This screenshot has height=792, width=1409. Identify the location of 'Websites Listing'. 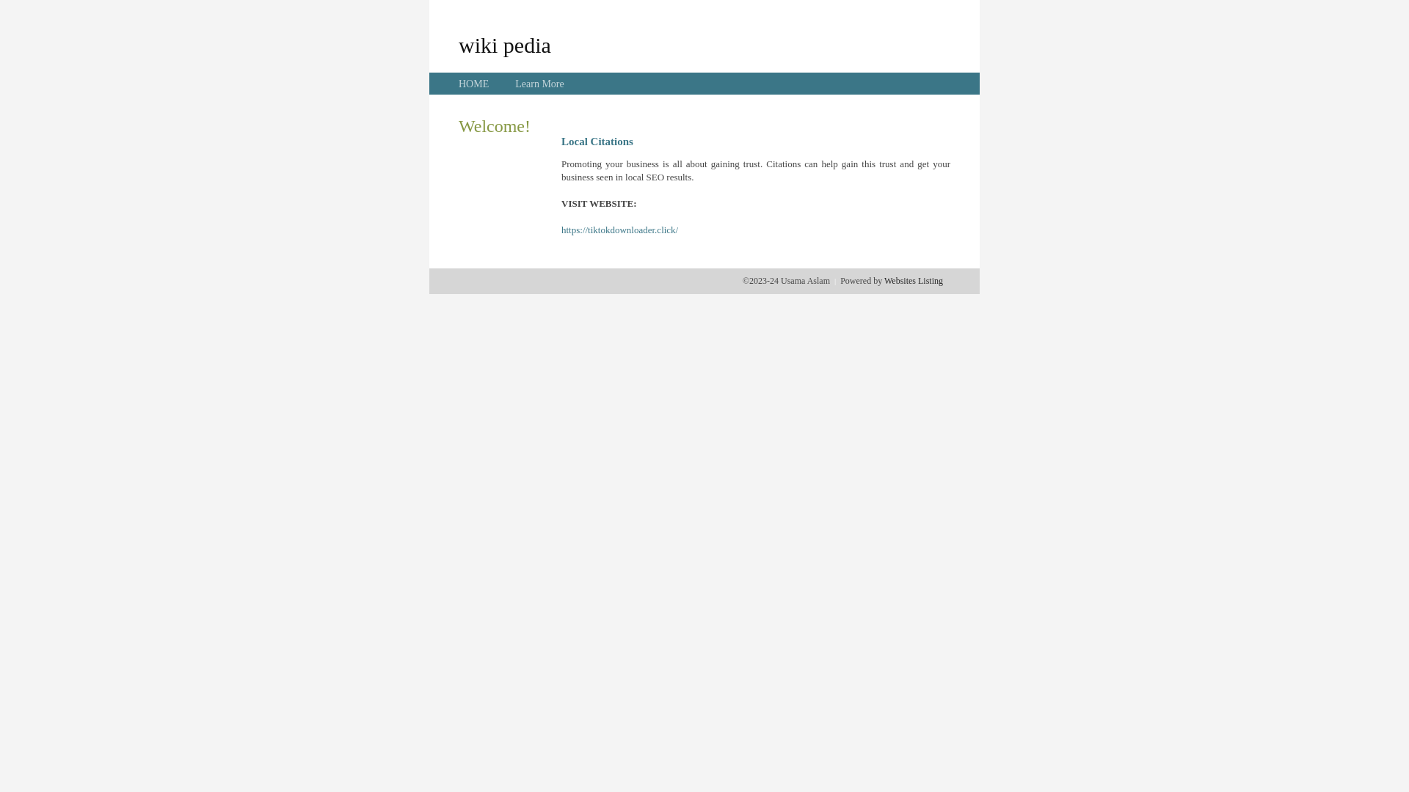
(912, 280).